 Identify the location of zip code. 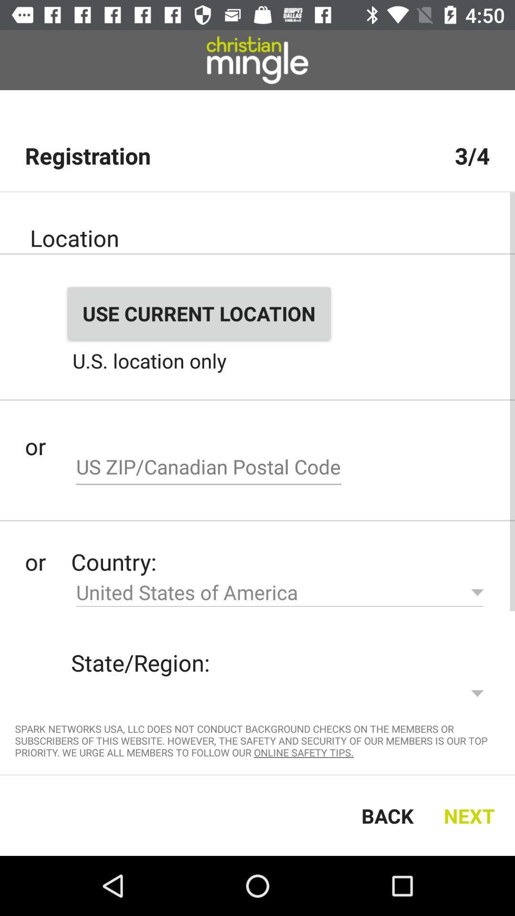
(208, 468).